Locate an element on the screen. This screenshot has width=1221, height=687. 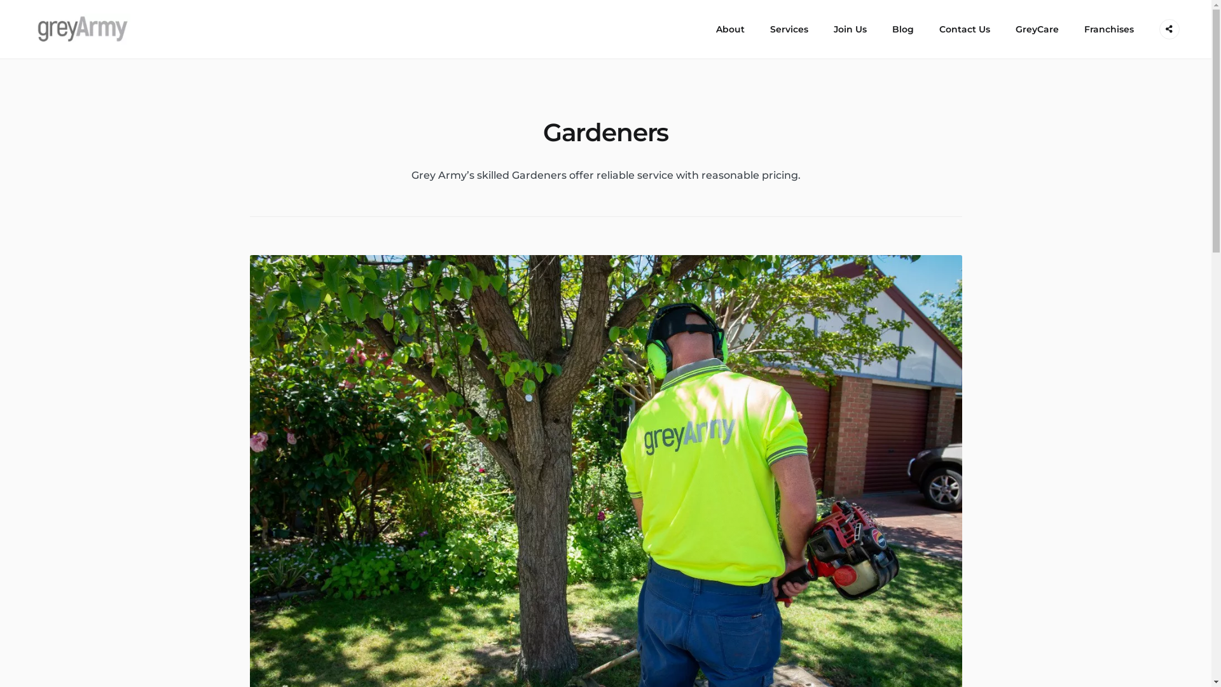
'Franchises' is located at coordinates (1108, 29).